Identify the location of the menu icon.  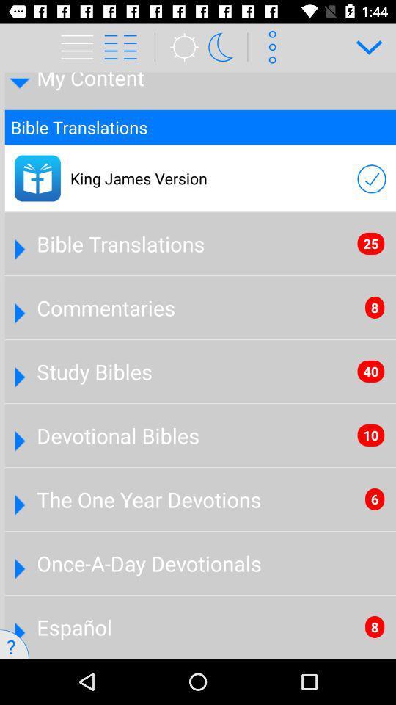
(79, 47).